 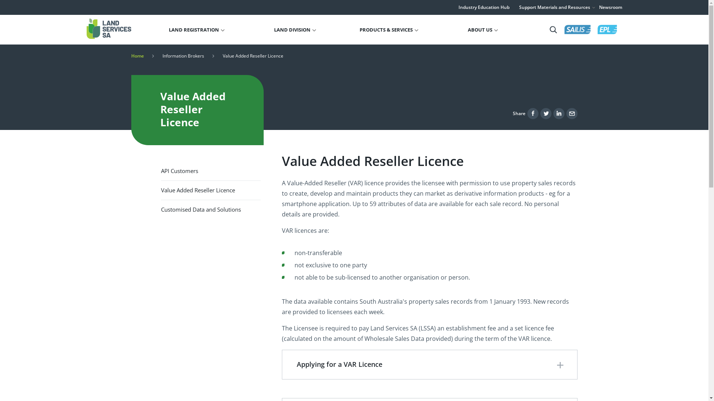 What do you see at coordinates (389, 29) in the screenshot?
I see `'PRODUCTS & SERVICES'` at bounding box center [389, 29].